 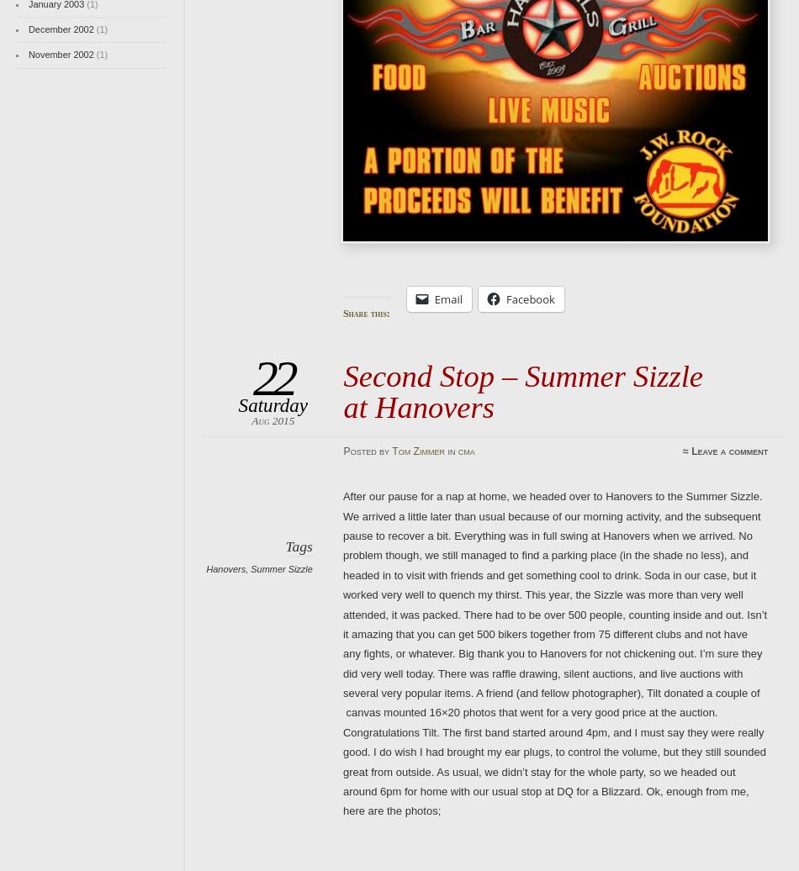 What do you see at coordinates (384, 451) in the screenshot?
I see `'by'` at bounding box center [384, 451].